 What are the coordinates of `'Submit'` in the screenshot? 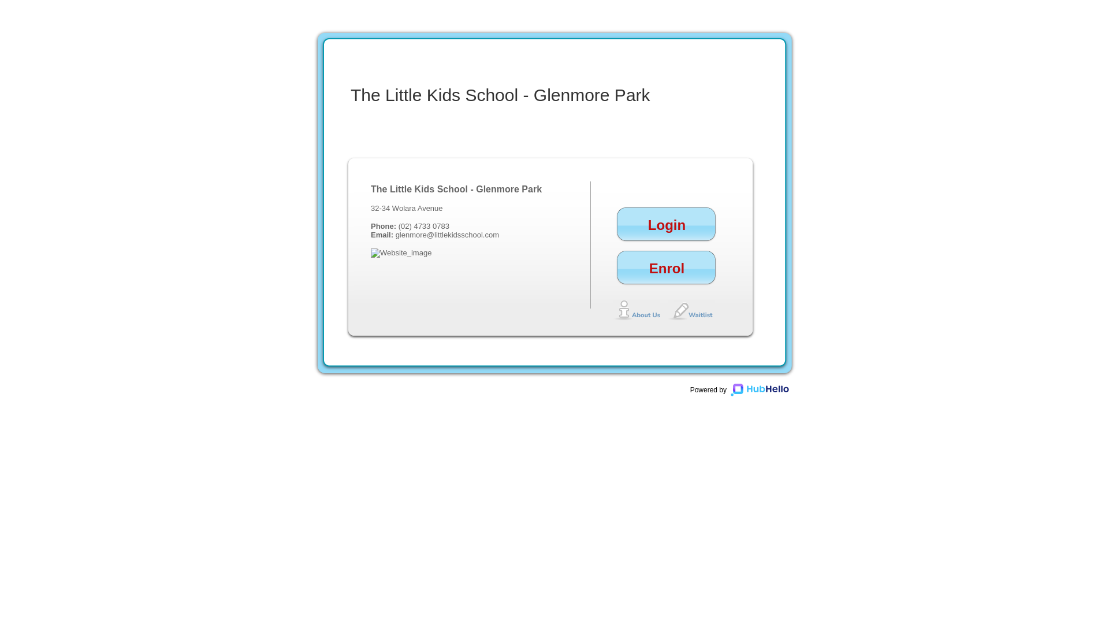 It's located at (838, 411).